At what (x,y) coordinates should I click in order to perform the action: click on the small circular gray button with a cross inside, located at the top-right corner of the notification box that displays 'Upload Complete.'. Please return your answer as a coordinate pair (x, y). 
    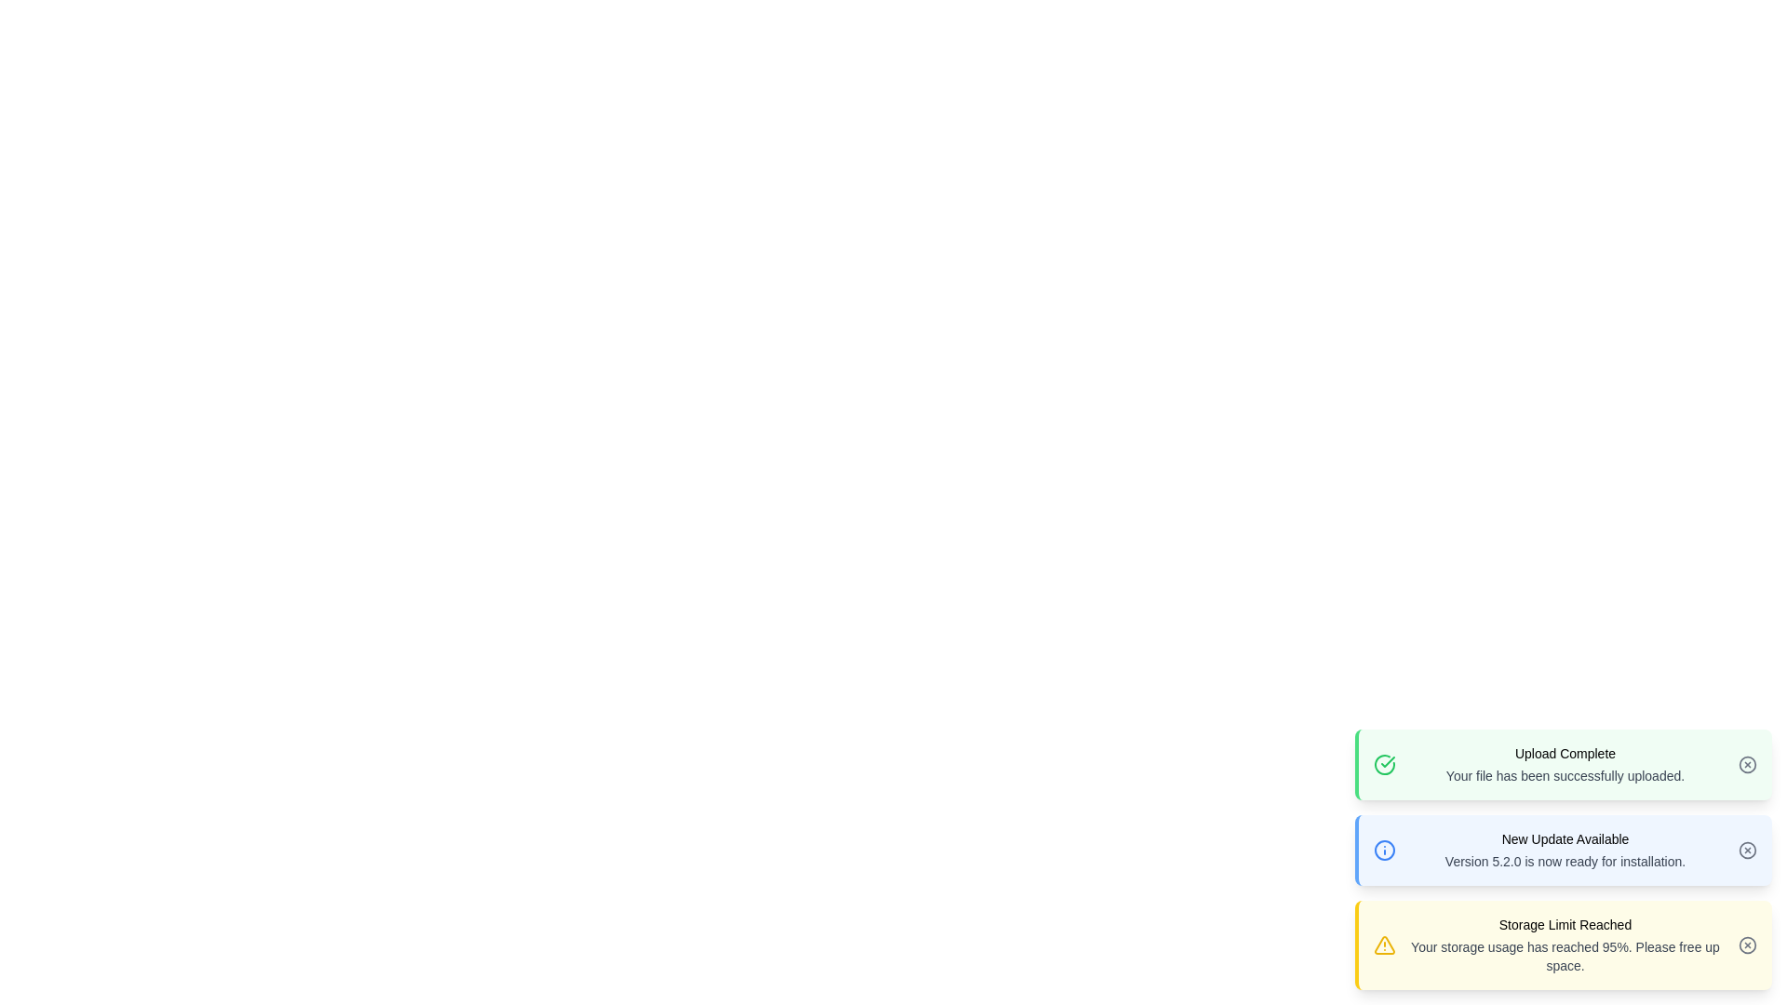
    Looking at the image, I should click on (1746, 764).